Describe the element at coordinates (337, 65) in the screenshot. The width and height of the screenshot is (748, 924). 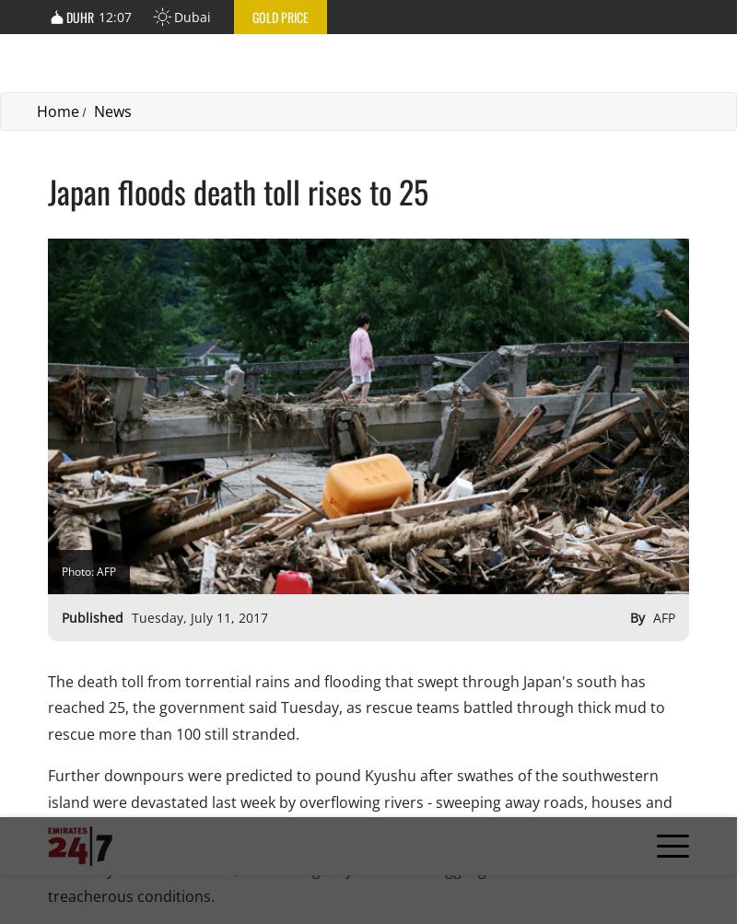
I see `'But many remain stranded, with emergency services struggling to reach them amid treacherous conditions.'` at that location.